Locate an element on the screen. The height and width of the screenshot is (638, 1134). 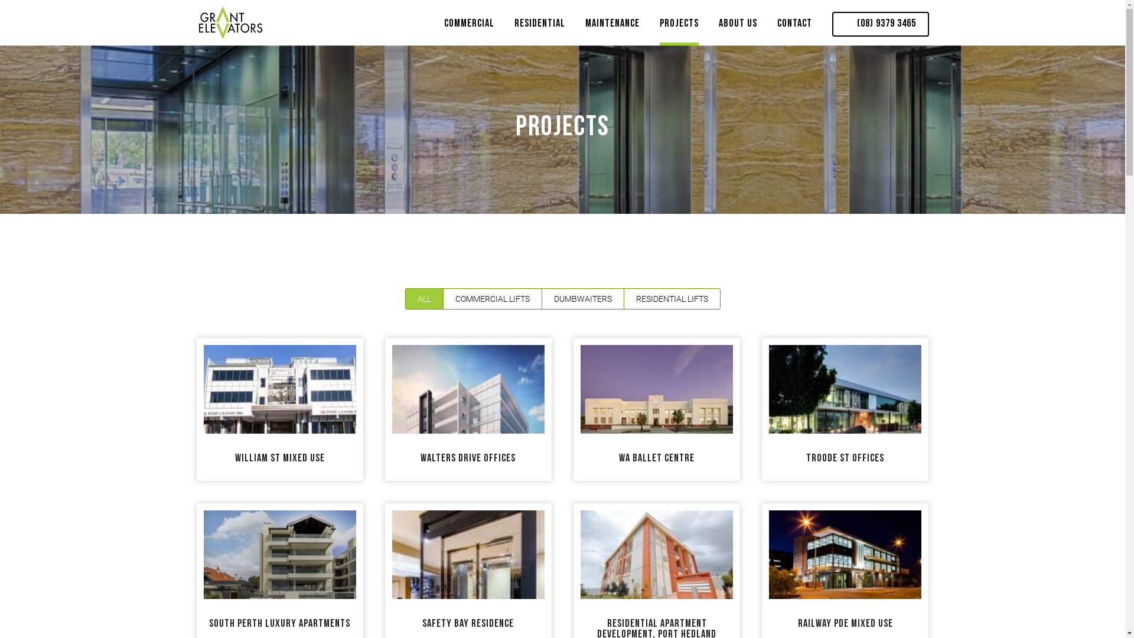
'DUMBWAITERS' is located at coordinates (540, 298).